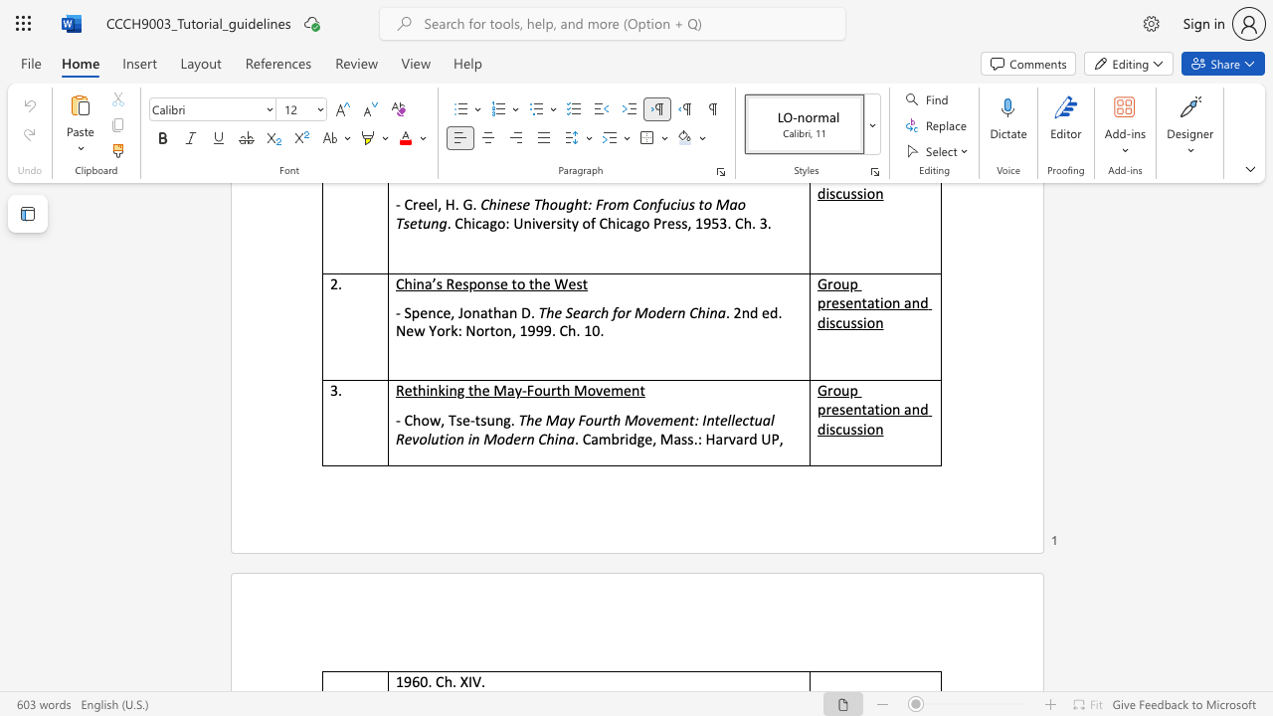 The width and height of the screenshot is (1273, 716). What do you see at coordinates (395, 680) in the screenshot?
I see `the subset text "1960. C" within the text "1960. Ch. XIV."` at bounding box center [395, 680].